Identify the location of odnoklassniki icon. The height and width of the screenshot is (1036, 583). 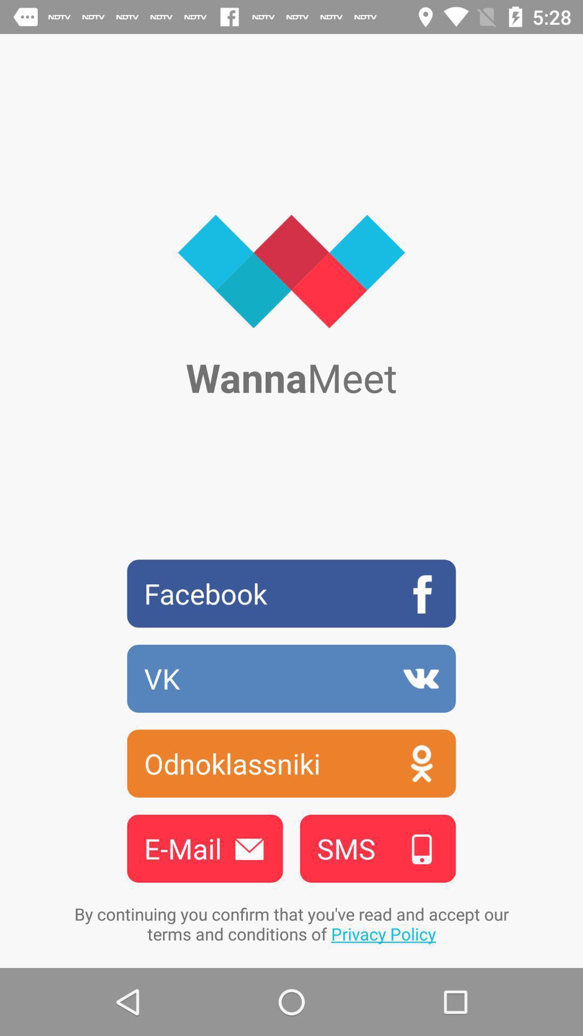
(291, 763).